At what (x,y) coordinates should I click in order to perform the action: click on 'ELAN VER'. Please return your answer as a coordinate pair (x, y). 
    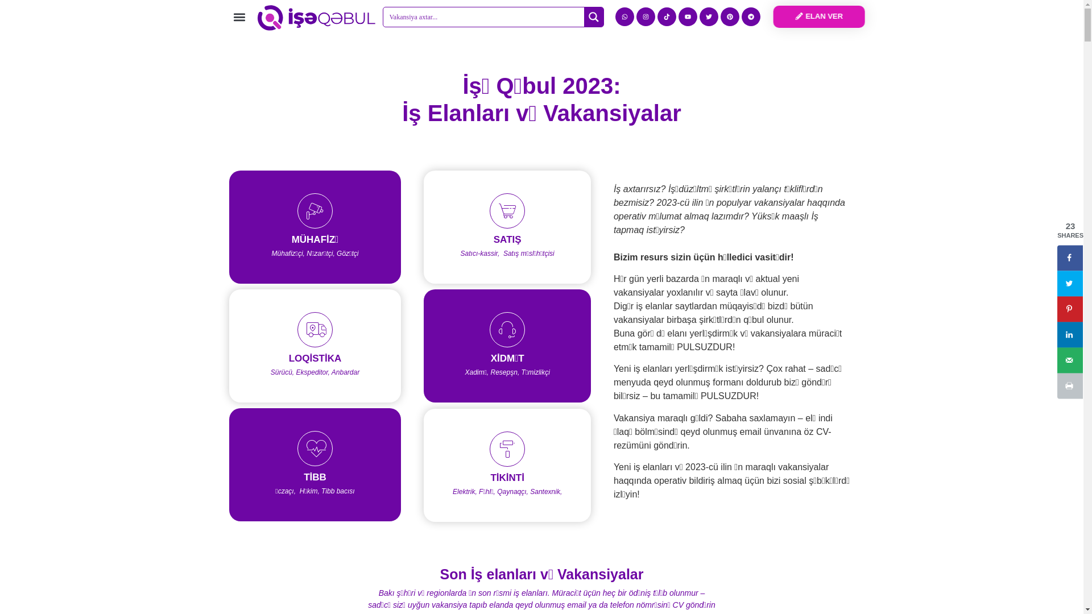
    Looking at the image, I should click on (772, 16).